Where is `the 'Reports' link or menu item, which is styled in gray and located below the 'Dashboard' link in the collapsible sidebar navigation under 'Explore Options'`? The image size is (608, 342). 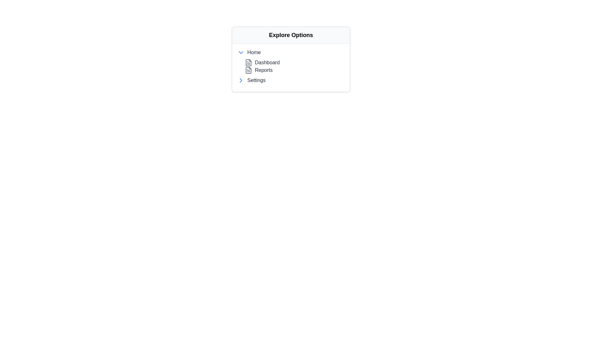 the 'Reports' link or menu item, which is styled in gray and located below the 'Dashboard' link in the collapsible sidebar navigation under 'Explore Options' is located at coordinates (294, 70).